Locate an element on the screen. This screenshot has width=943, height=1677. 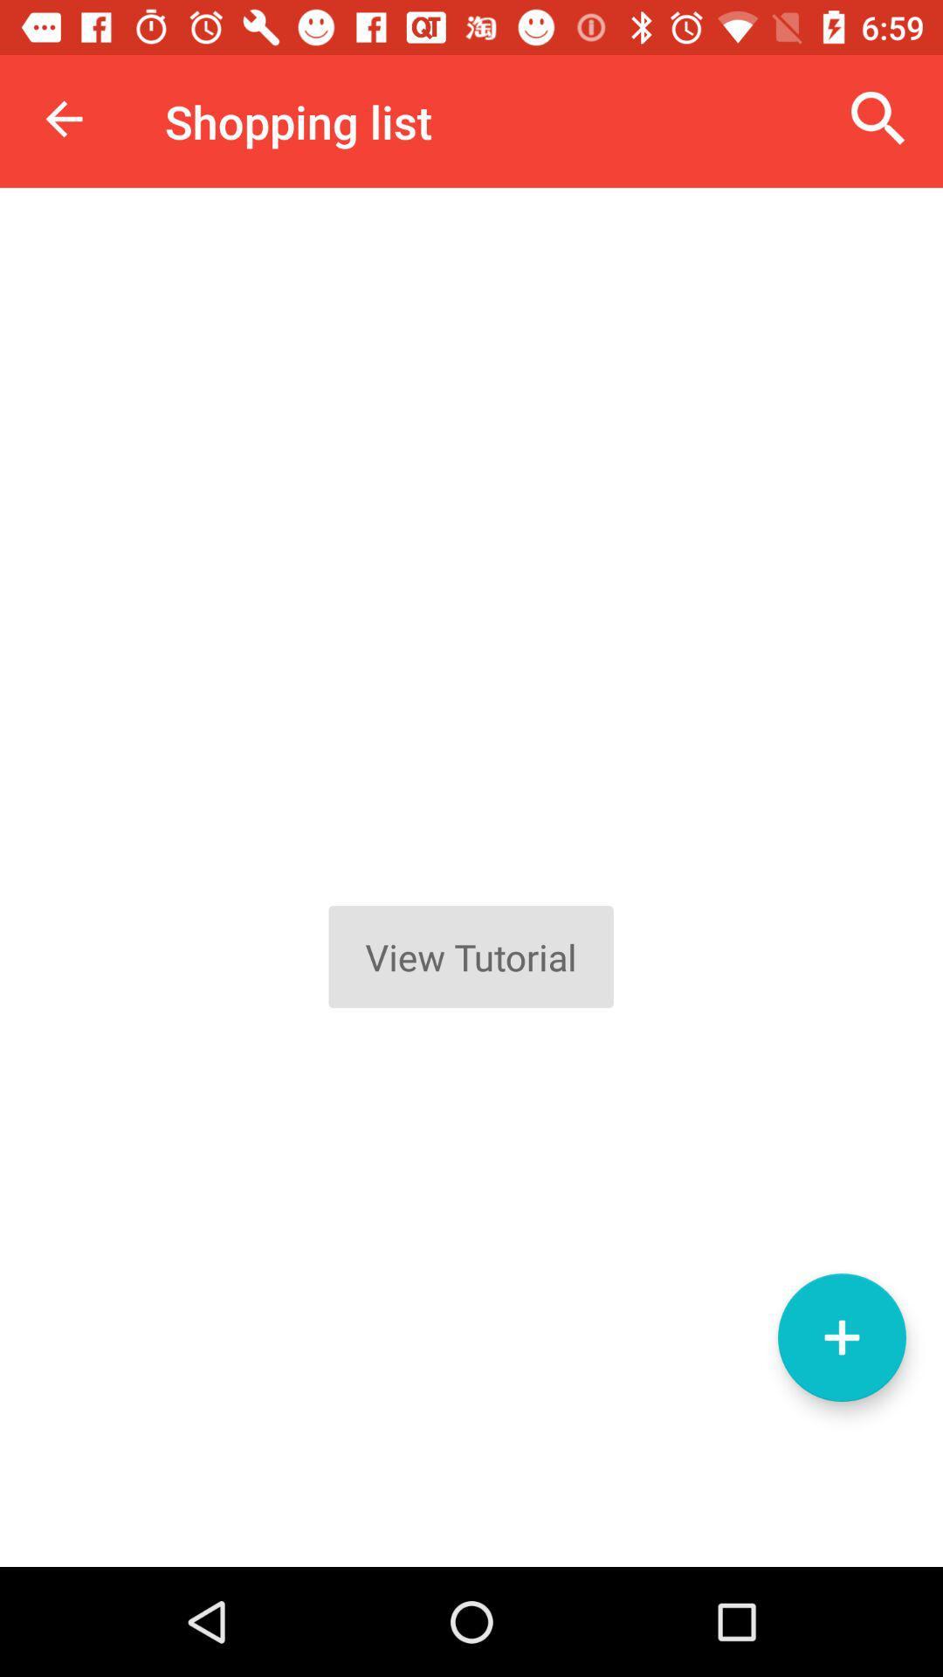
icon next to the shopping list item is located at coordinates (63, 118).